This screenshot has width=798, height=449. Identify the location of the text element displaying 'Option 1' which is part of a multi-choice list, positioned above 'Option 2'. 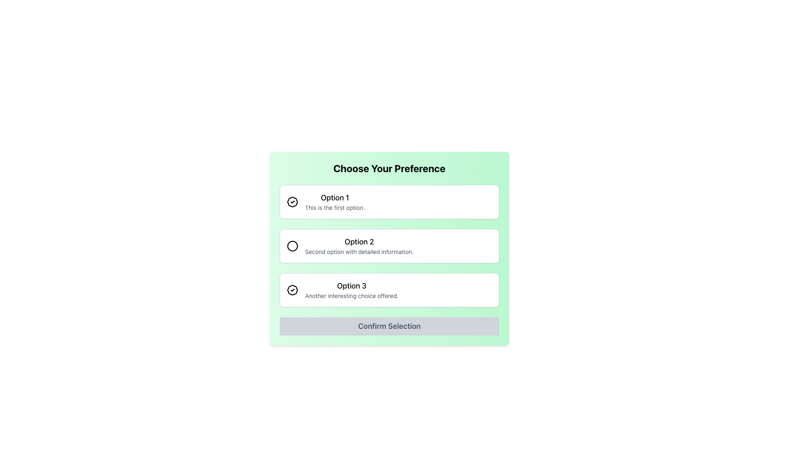
(335, 202).